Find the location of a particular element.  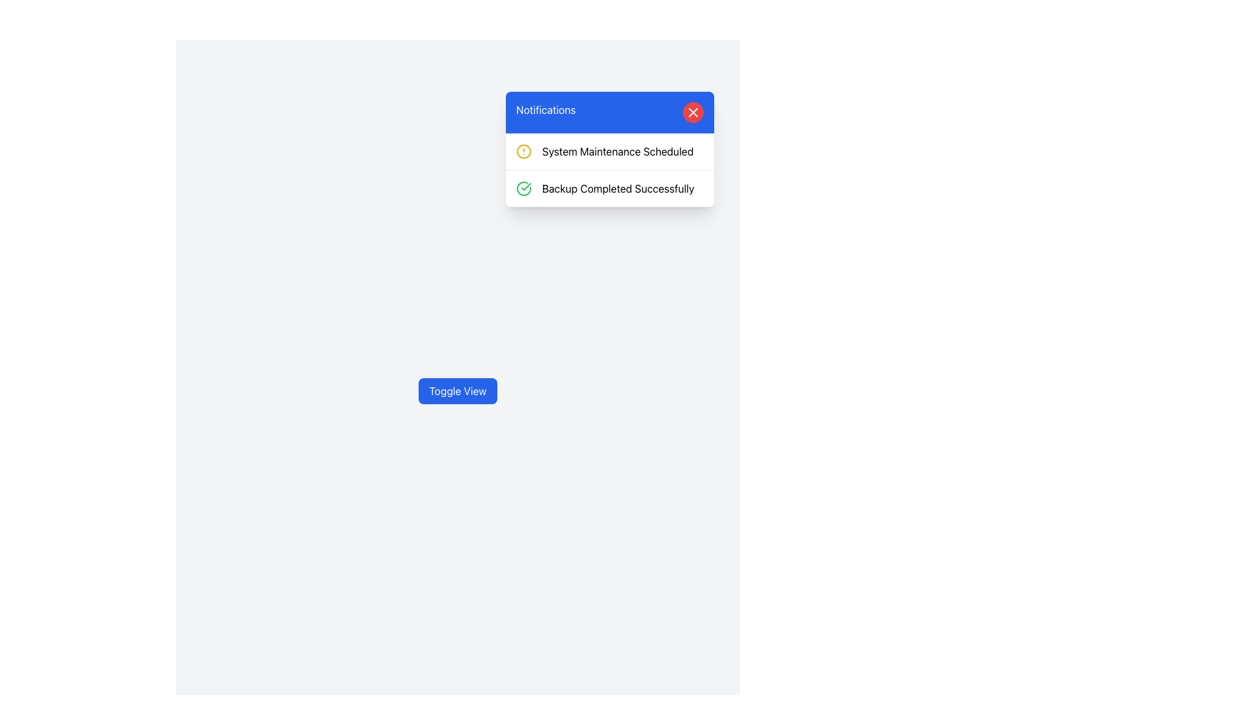

the first notification entry that informs the user about scheduled system maintenance, located directly below the 'Notifications' header is located at coordinates (609, 150).